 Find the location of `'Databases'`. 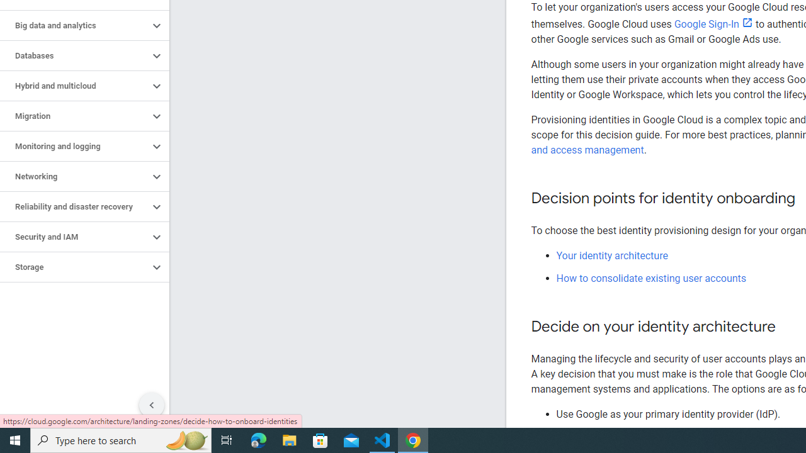

'Databases' is located at coordinates (74, 55).